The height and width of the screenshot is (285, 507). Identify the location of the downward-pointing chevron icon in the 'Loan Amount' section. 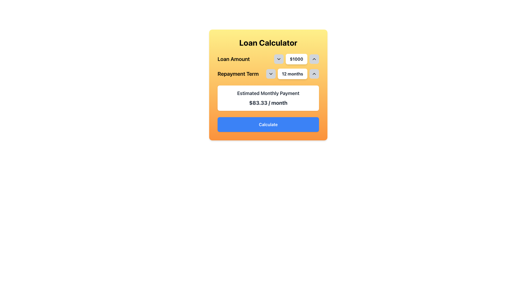
(278, 59).